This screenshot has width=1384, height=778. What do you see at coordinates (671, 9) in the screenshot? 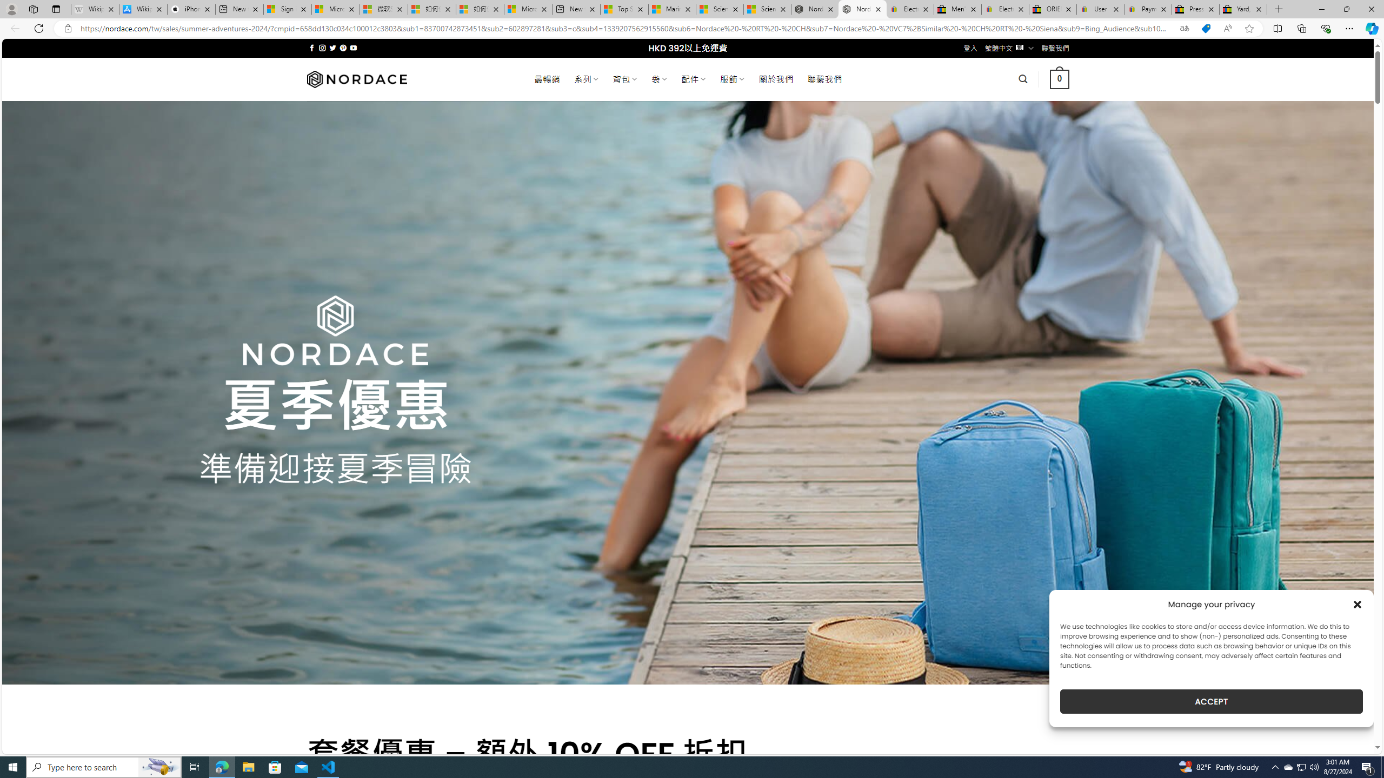
I see `'Marine life - MSN'` at bounding box center [671, 9].